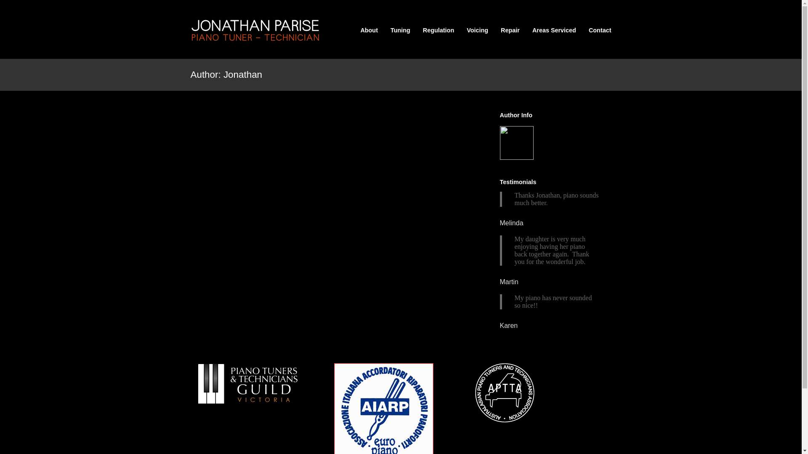 The image size is (808, 454). Describe the element at coordinates (390, 30) in the screenshot. I see `'Tuning'` at that location.